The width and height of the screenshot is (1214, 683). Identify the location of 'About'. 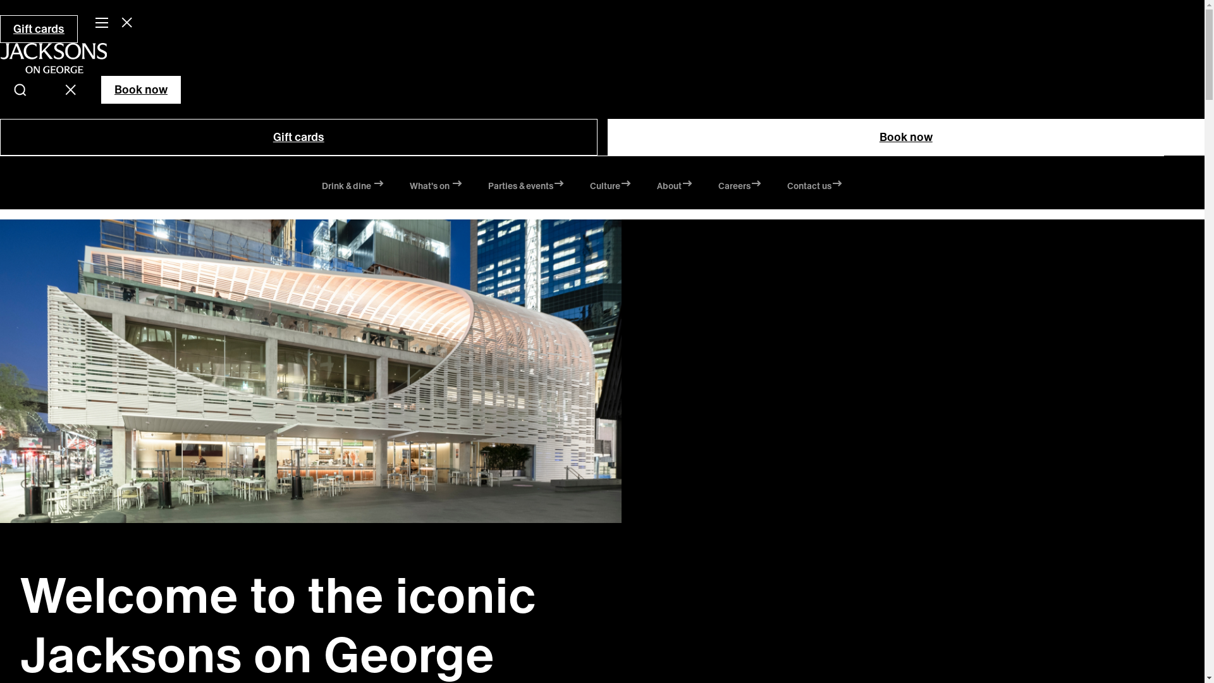
(673, 188).